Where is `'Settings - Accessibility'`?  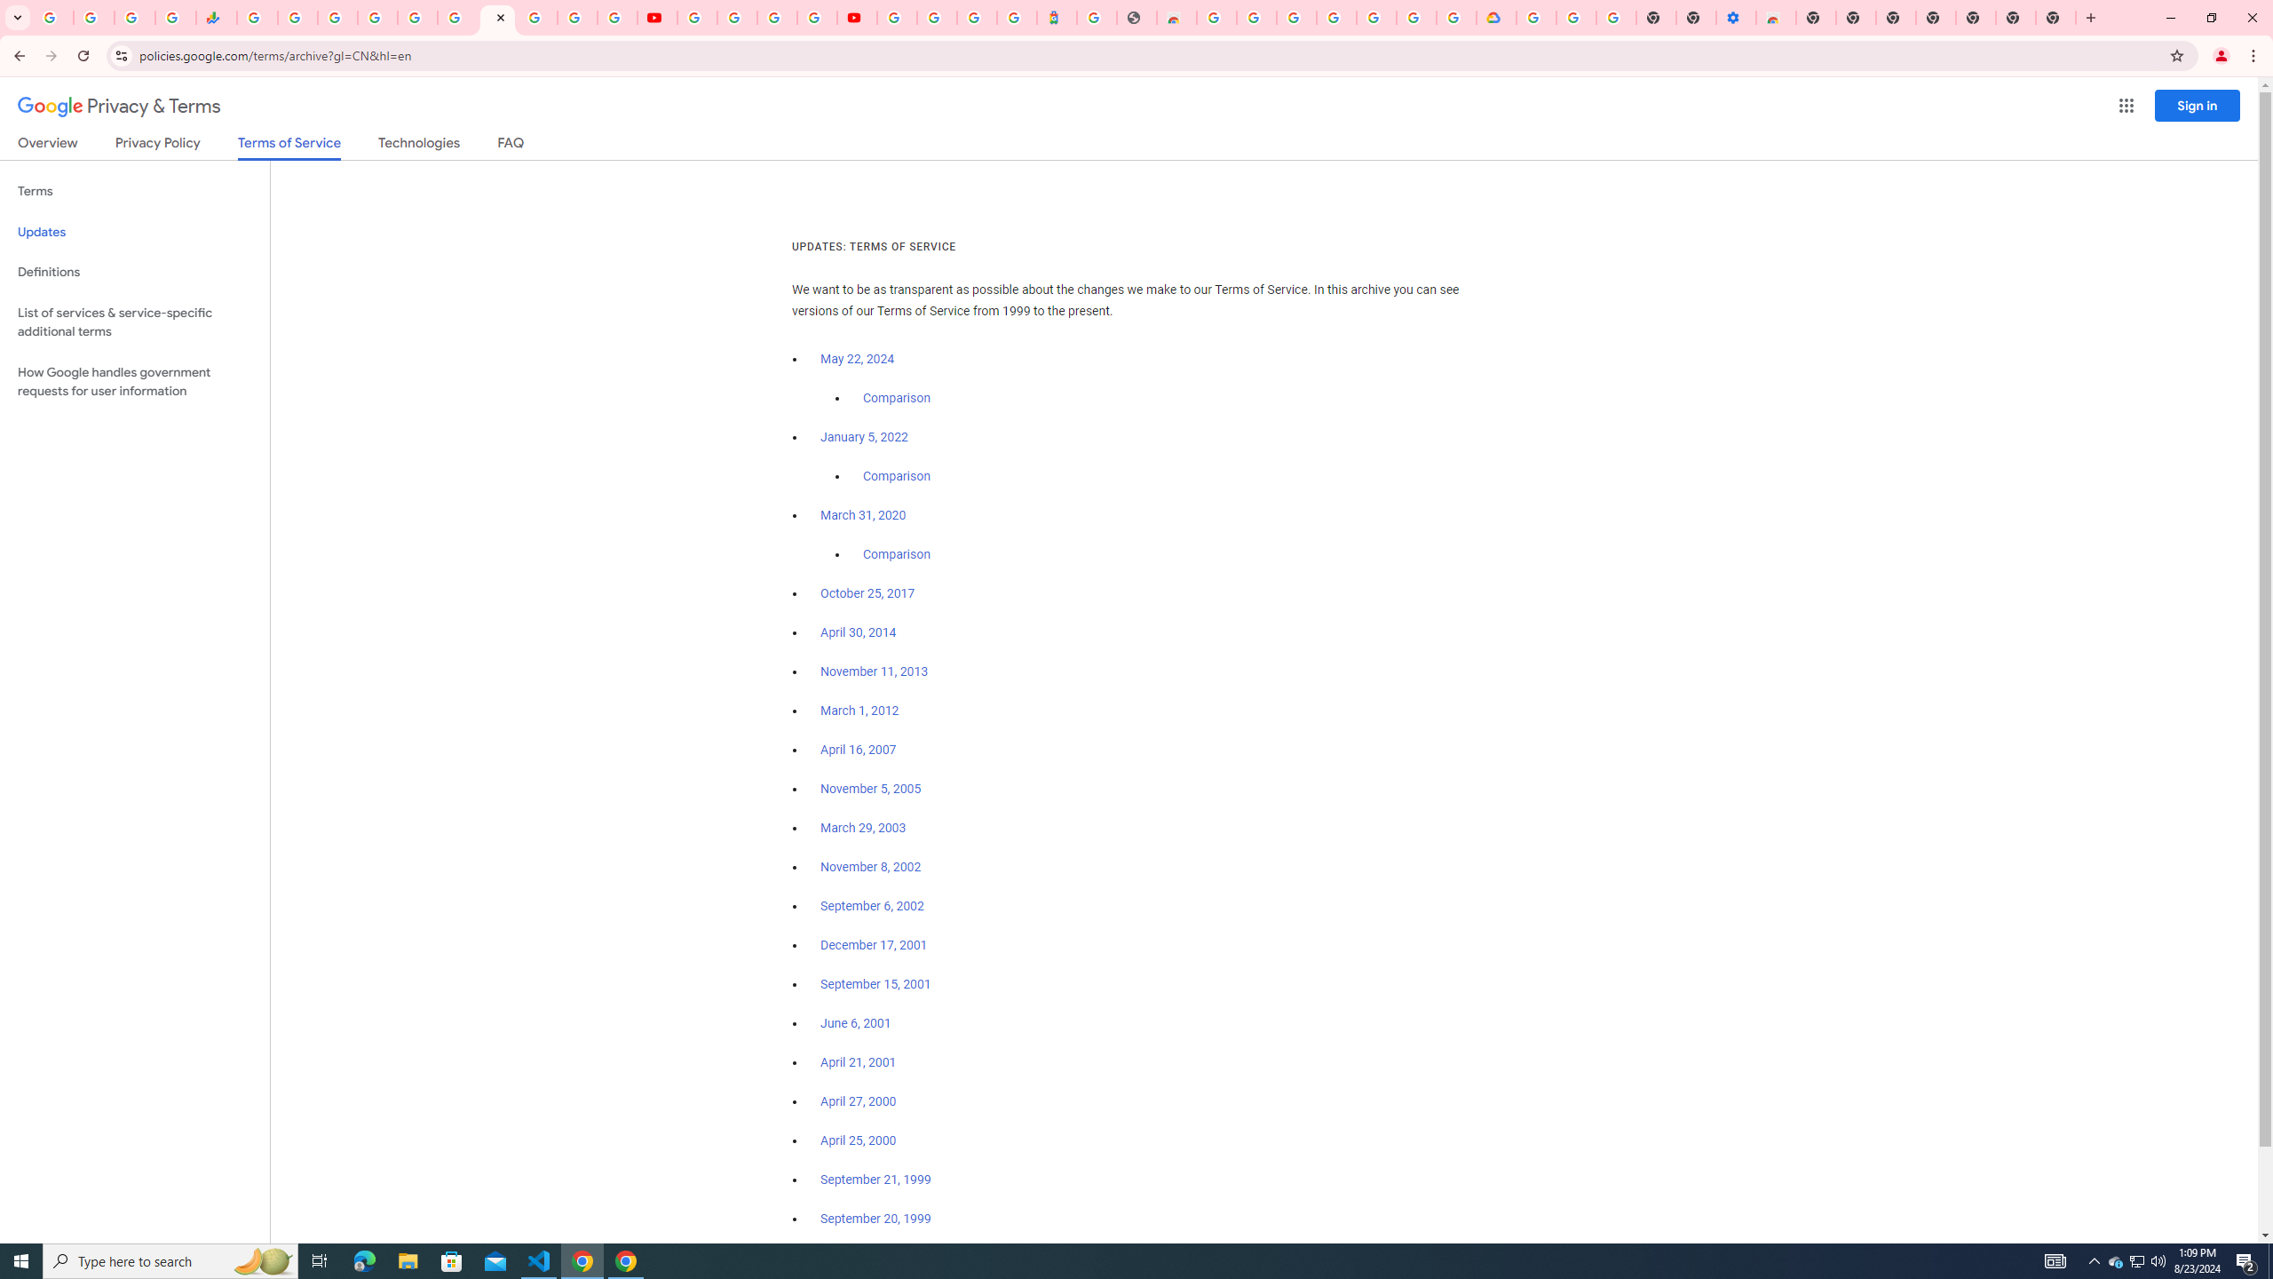
'Settings - Accessibility' is located at coordinates (1735, 17).